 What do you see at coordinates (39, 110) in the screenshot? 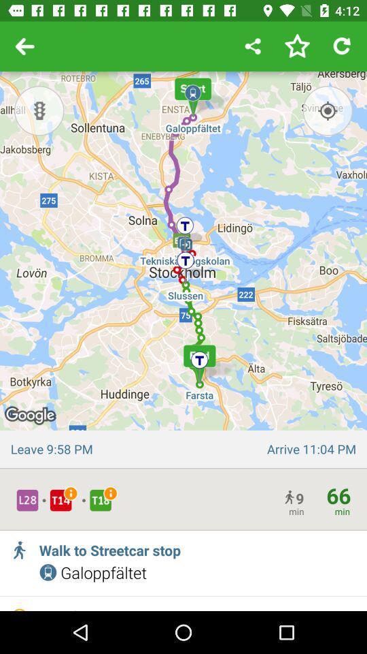
I see `traffic lights` at bounding box center [39, 110].